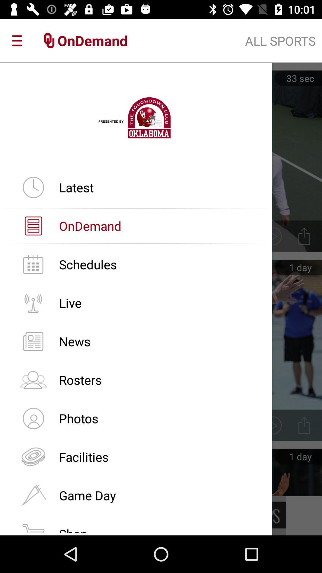 This screenshot has width=322, height=573. Describe the element at coordinates (304, 425) in the screenshot. I see `icon which is right to photos` at that location.